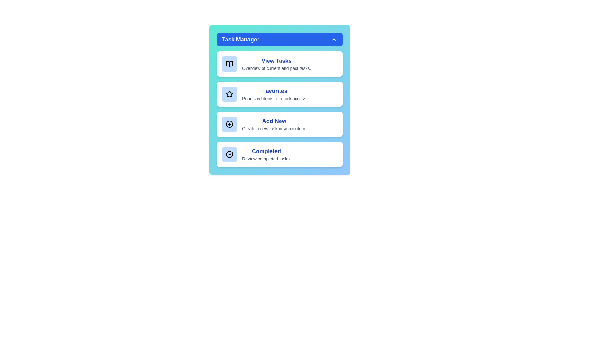  What do you see at coordinates (280, 124) in the screenshot?
I see `the list item Add New to view its hover effect` at bounding box center [280, 124].